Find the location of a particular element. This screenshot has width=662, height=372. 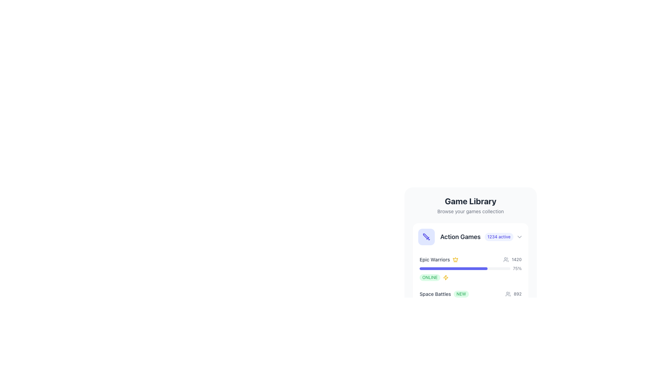

the game management panel located on the right section of the interface is located at coordinates (520, 238).